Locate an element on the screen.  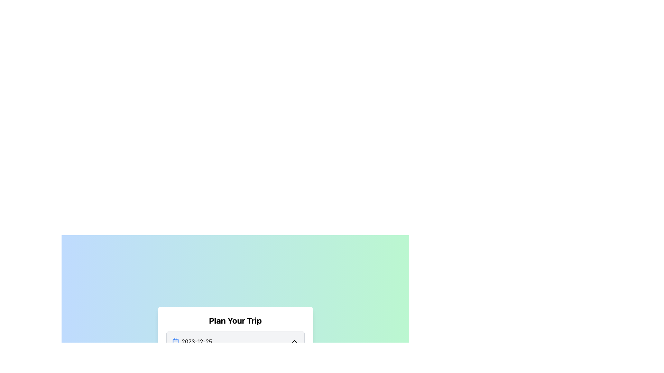
the upward-facing chevron icon located at the right end of the date selection menu item styled with a light grey background and rounded border is located at coordinates (294, 341).